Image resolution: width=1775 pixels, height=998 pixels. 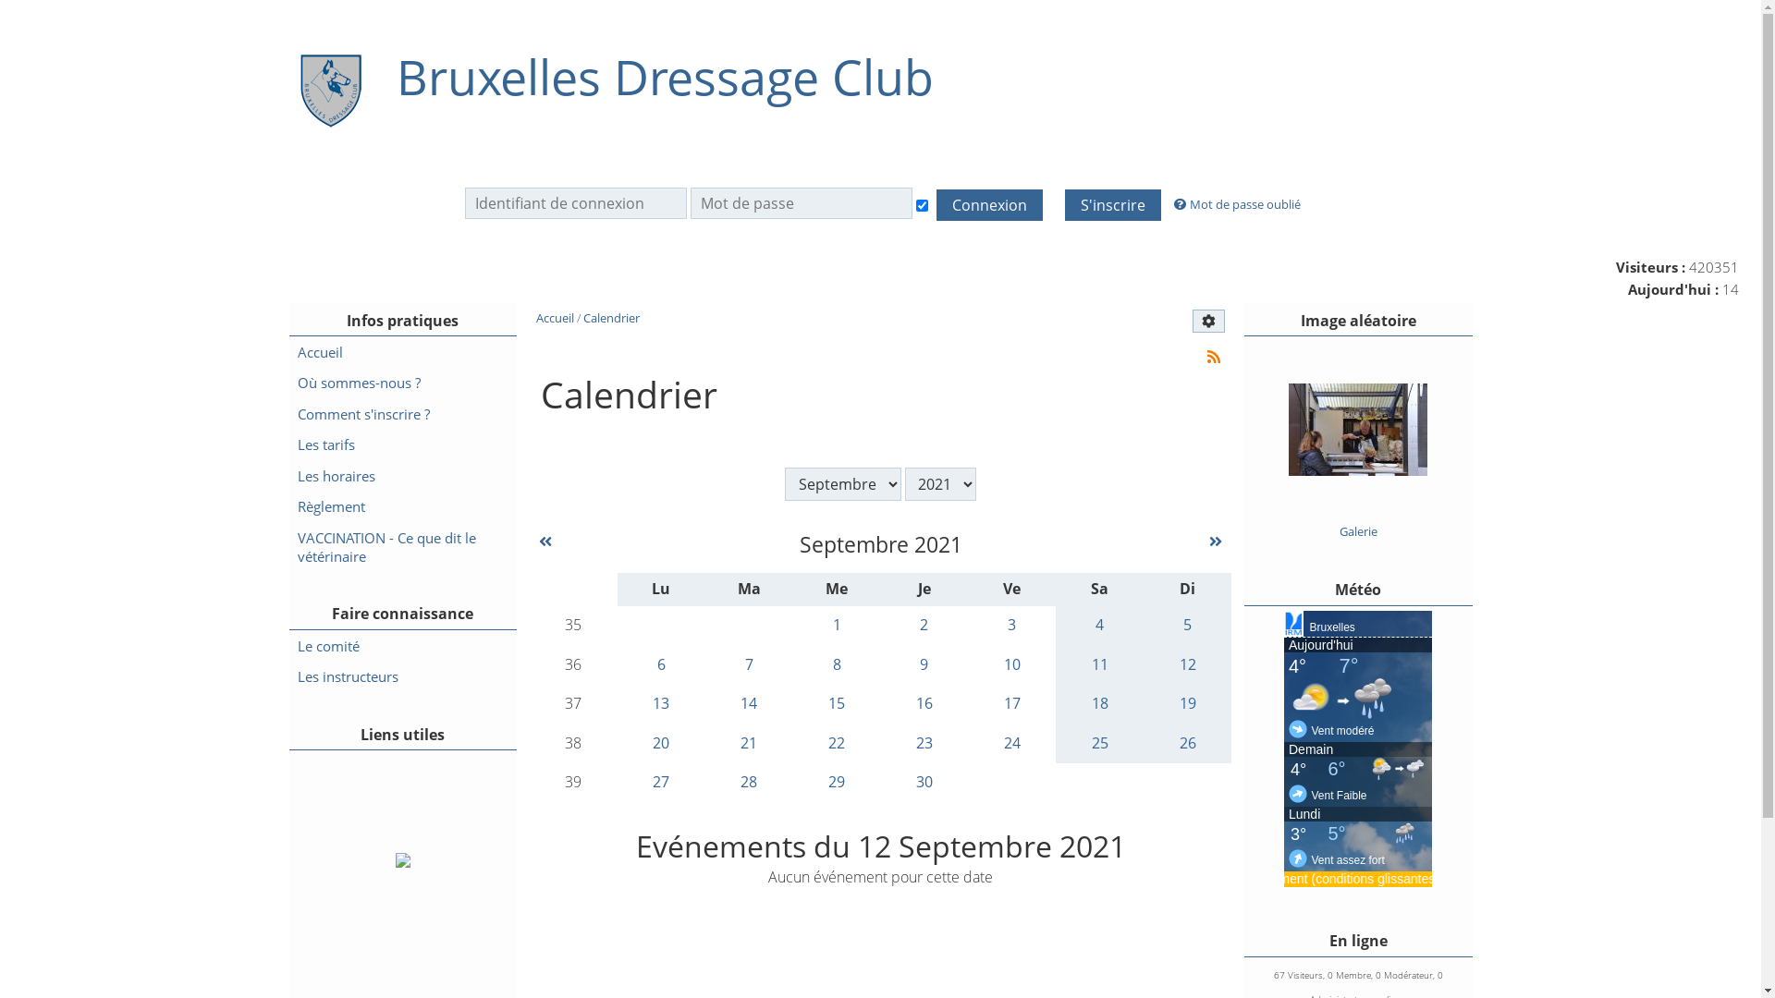 What do you see at coordinates (1358, 530) in the screenshot?
I see `'Galerie'` at bounding box center [1358, 530].